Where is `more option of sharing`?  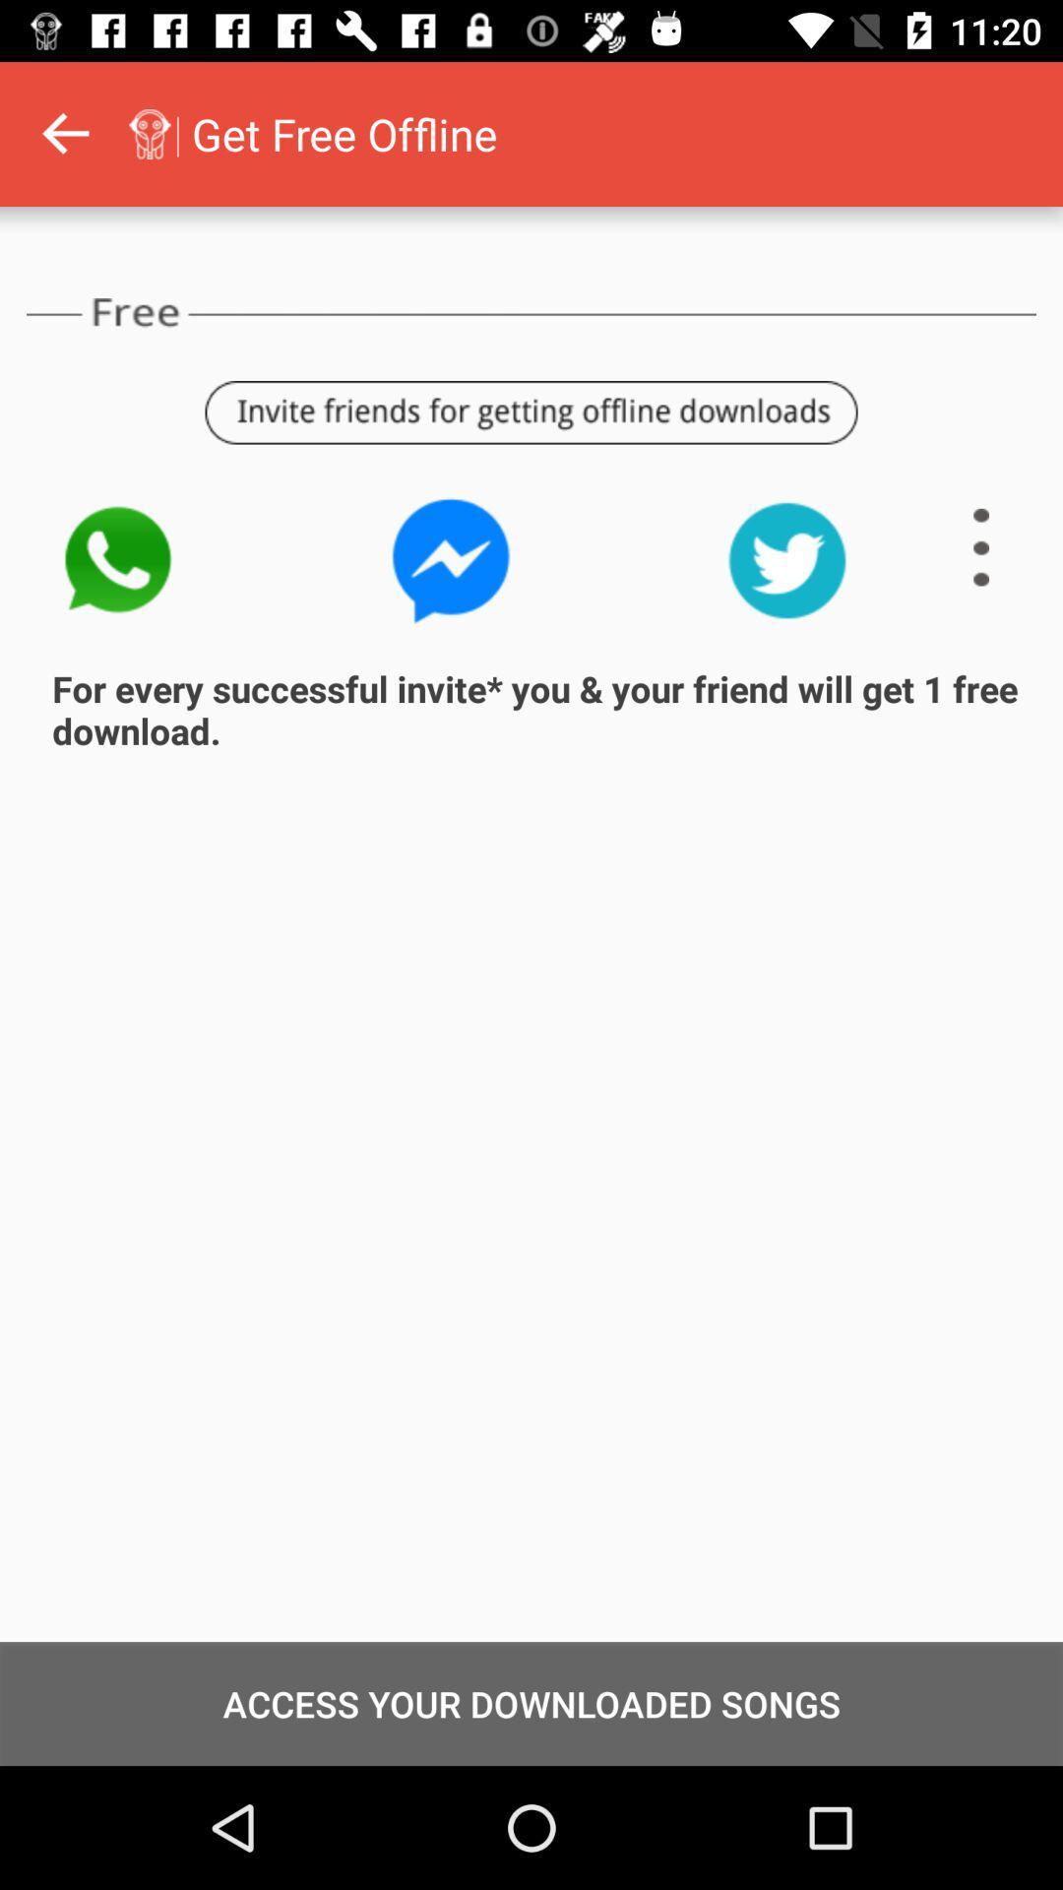
more option of sharing is located at coordinates (981, 547).